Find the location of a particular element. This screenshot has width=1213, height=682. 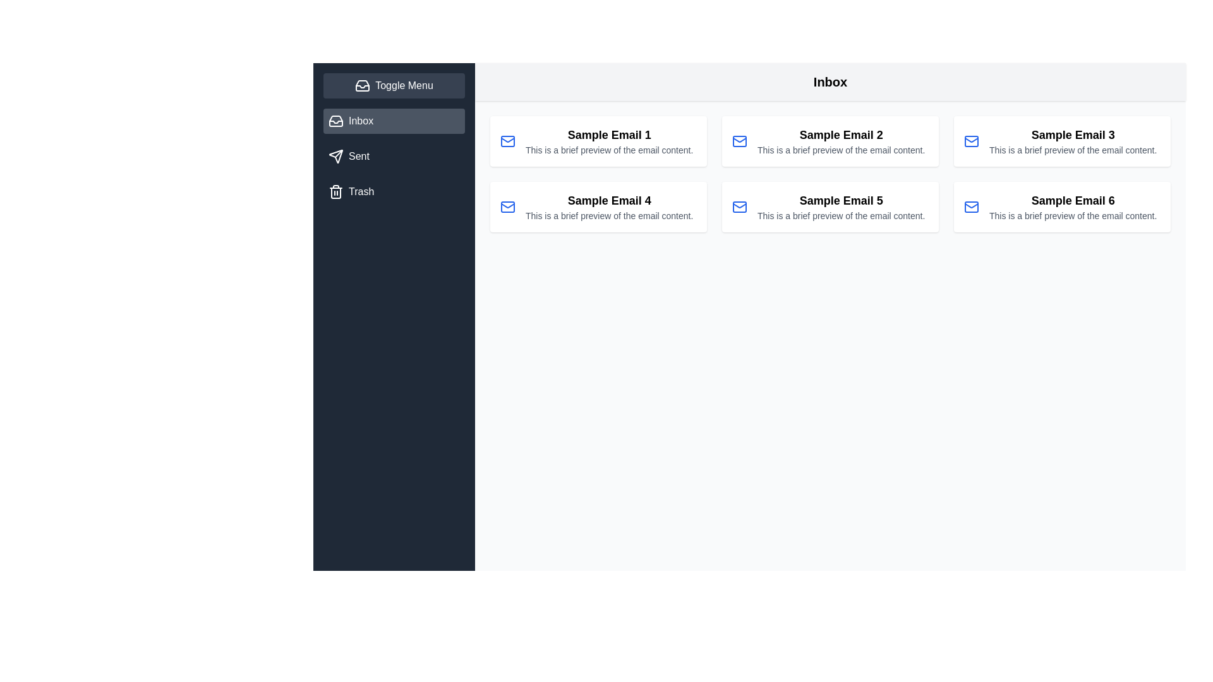

the second text element that serves as a brief summary of the associated email, located below the 'Sample Email 1' text is located at coordinates (609, 150).